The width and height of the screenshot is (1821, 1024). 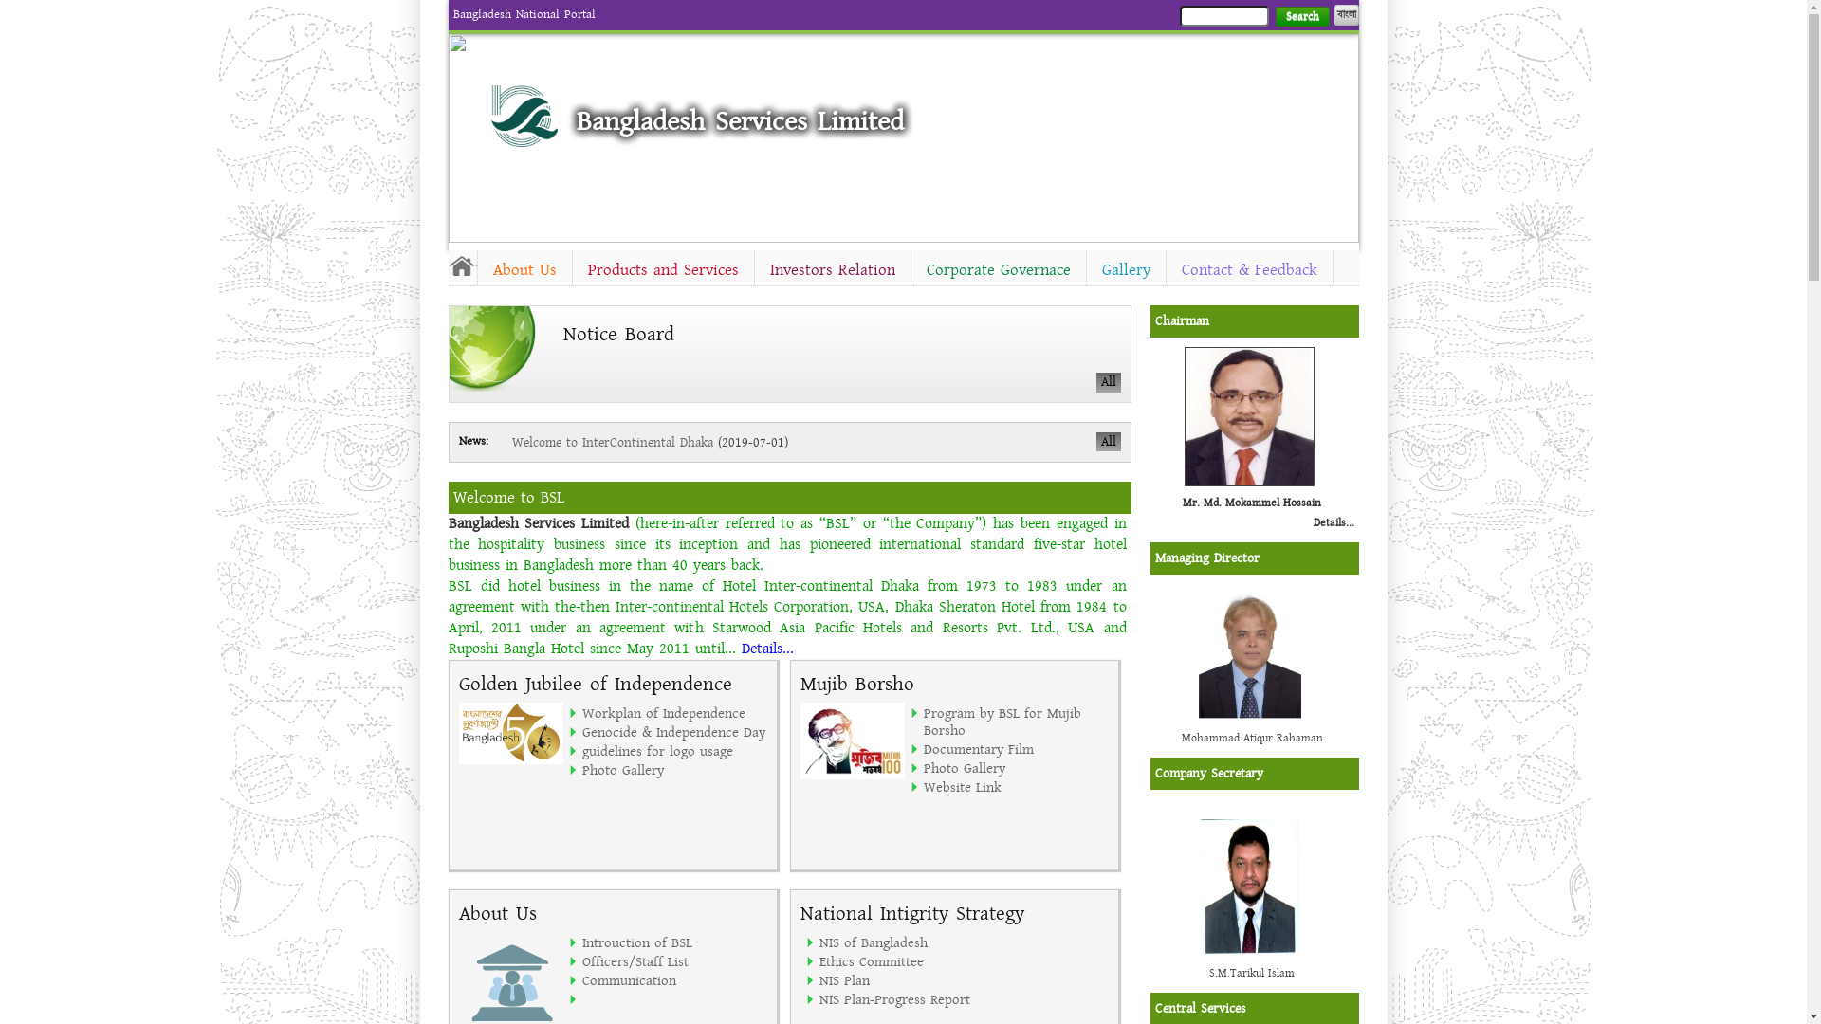 I want to click on 'Corporate Governace', so click(x=996, y=270).